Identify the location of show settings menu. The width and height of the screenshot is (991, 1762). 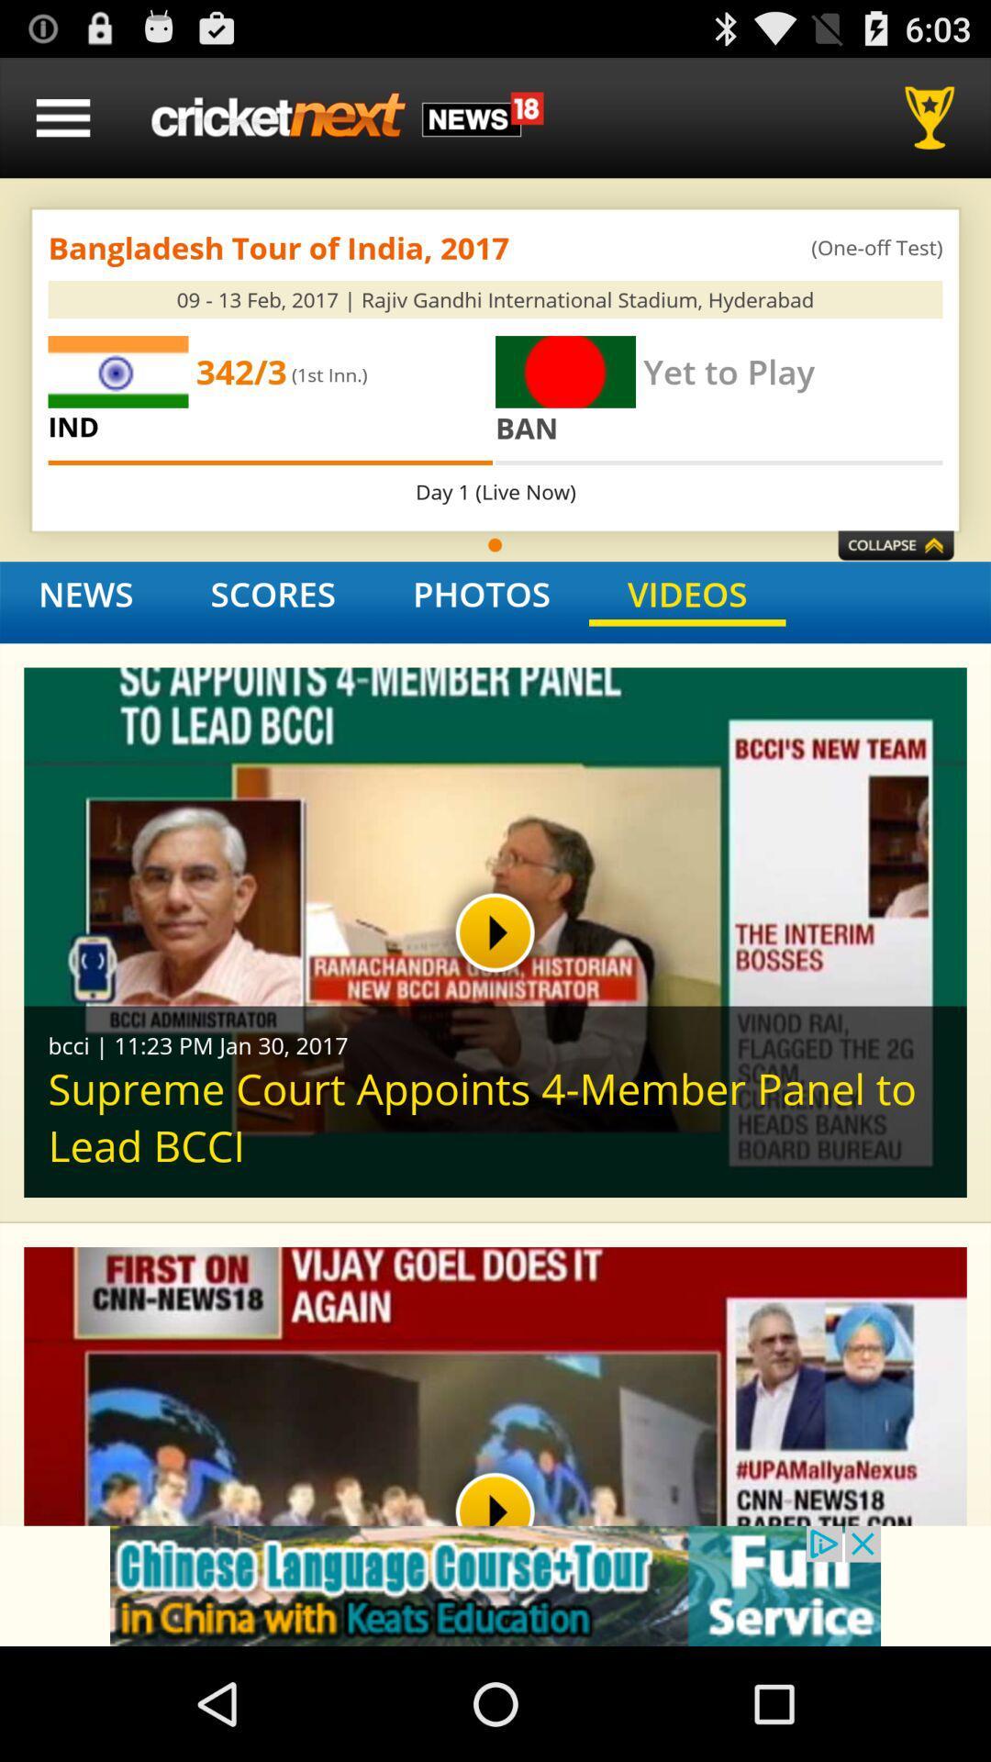
(62, 117).